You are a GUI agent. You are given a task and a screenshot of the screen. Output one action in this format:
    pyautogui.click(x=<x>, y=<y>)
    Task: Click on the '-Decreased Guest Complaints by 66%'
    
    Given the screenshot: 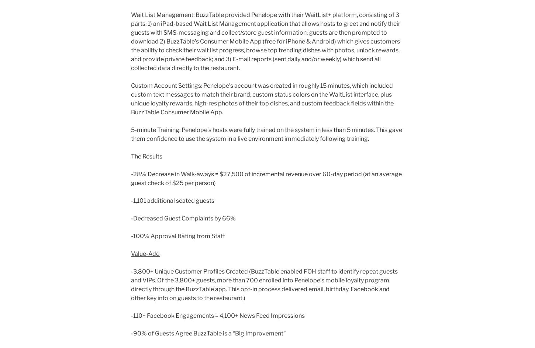 What is the action you would take?
    pyautogui.click(x=183, y=218)
    